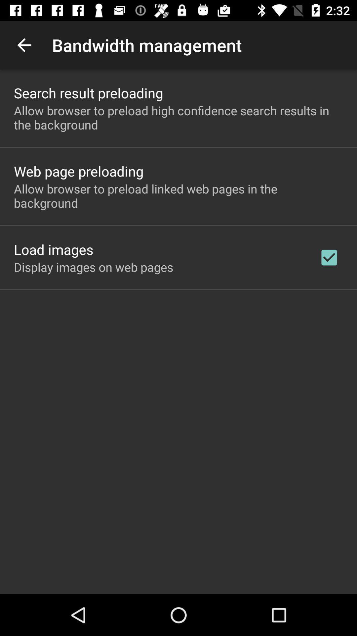 Image resolution: width=357 pixels, height=636 pixels. What do you see at coordinates (94, 267) in the screenshot?
I see `icon below the load images app` at bounding box center [94, 267].